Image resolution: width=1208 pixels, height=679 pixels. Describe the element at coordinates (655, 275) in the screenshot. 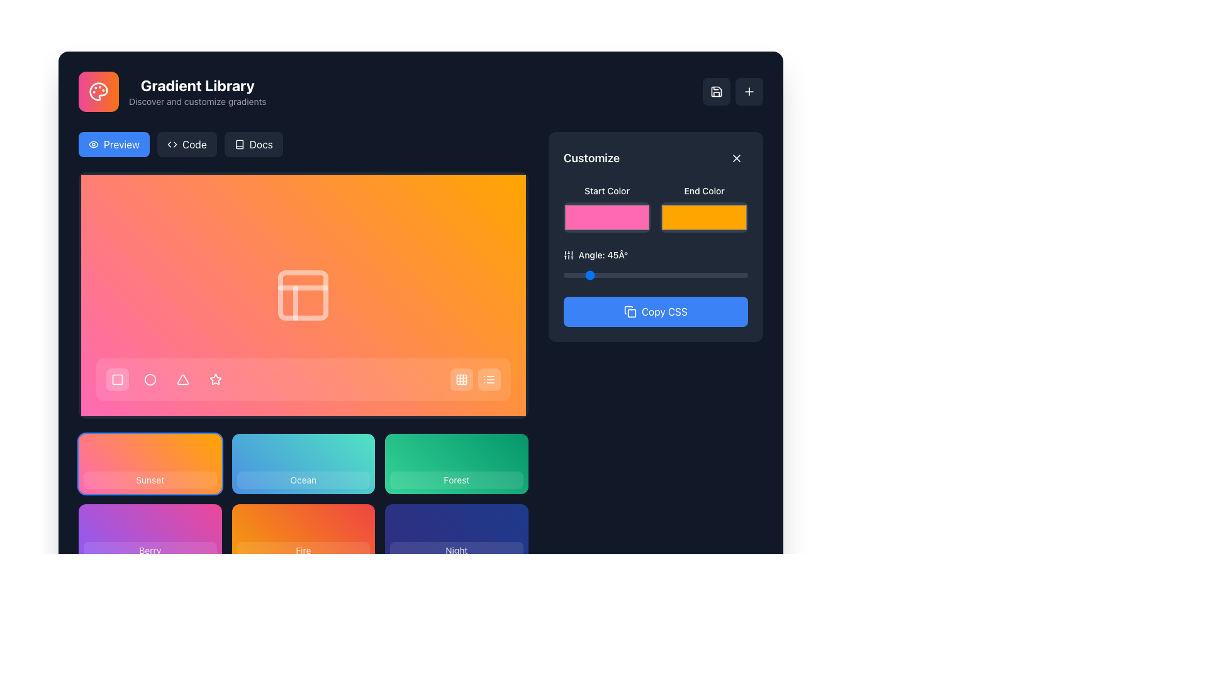

I see `the knob of the range slider component located in the 'Customize' panel beneath the 'Angle: 45°' label` at that location.